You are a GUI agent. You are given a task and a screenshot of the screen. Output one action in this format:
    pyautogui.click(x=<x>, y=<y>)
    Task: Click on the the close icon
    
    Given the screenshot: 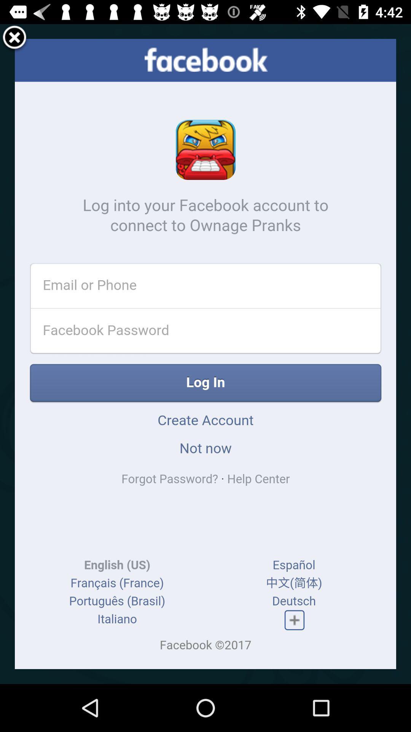 What is the action you would take?
    pyautogui.click(x=14, y=40)
    